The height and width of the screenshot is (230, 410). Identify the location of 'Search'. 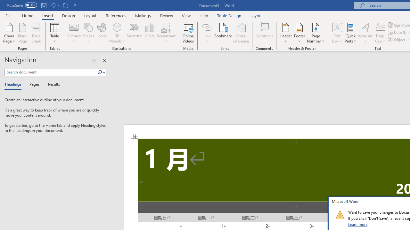
(101, 72).